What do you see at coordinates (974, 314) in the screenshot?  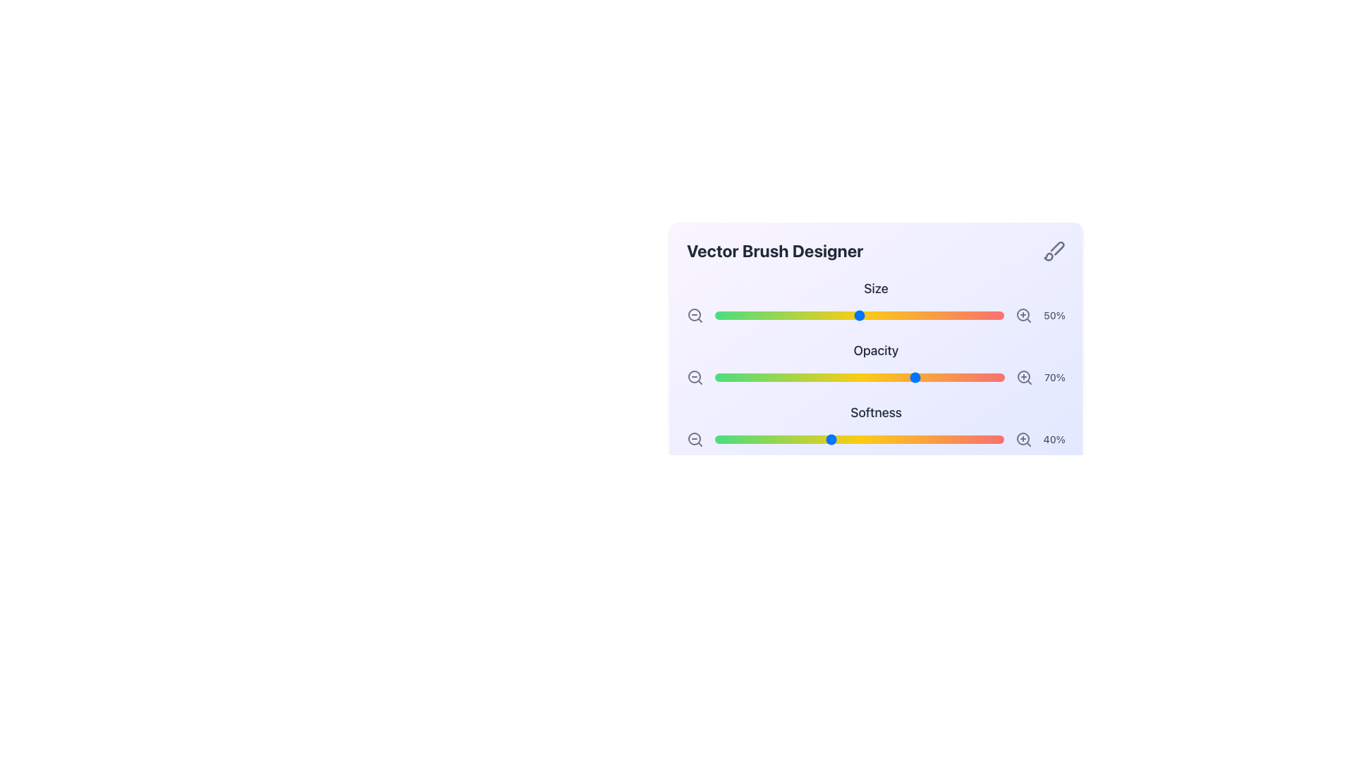 I see `the slider value` at bounding box center [974, 314].